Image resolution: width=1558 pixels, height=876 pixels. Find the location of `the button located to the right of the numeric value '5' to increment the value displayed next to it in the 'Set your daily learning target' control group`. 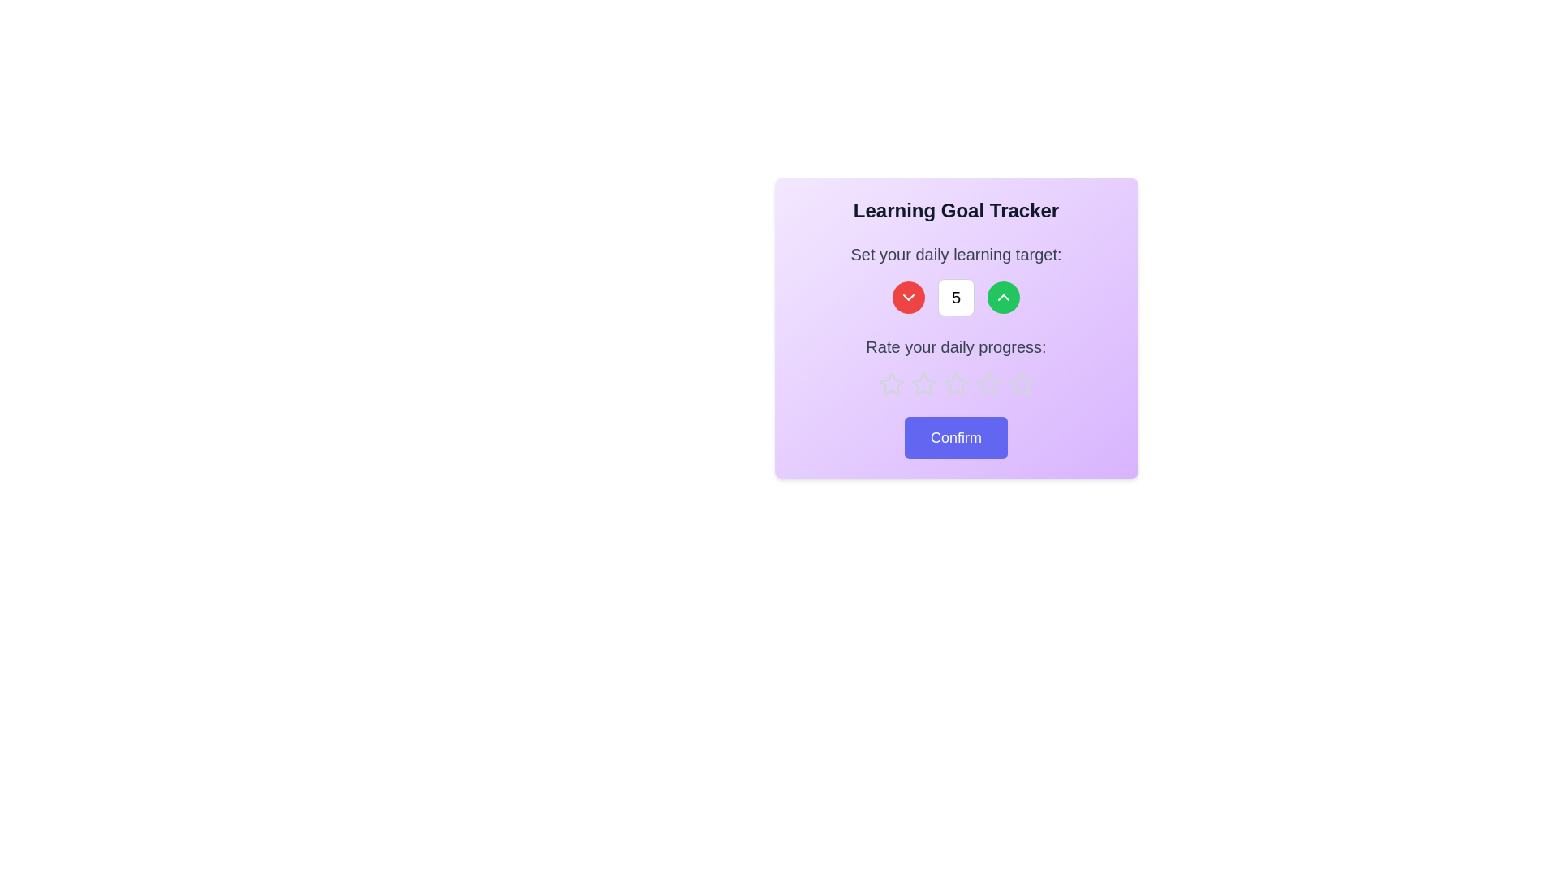

the button located to the right of the numeric value '5' to increment the value displayed next to it in the 'Set your daily learning target' control group is located at coordinates (1003, 297).